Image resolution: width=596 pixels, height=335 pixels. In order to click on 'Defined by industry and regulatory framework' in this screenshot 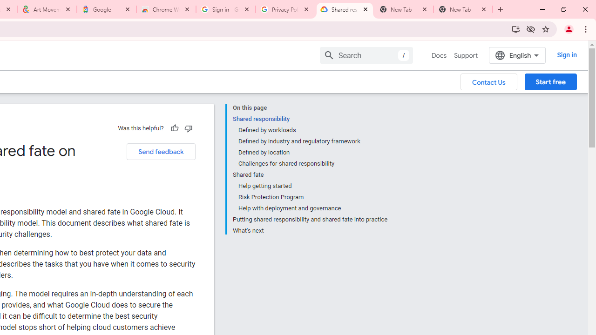, I will do `click(312, 141)`.